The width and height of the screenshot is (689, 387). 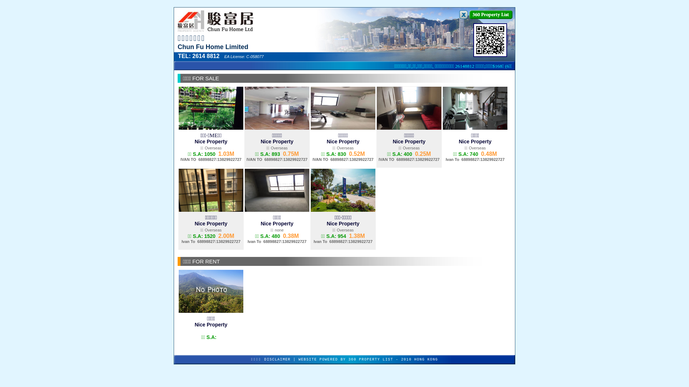 What do you see at coordinates (348, 359) in the screenshot?
I see `'360 PROPERTY LIST'` at bounding box center [348, 359].